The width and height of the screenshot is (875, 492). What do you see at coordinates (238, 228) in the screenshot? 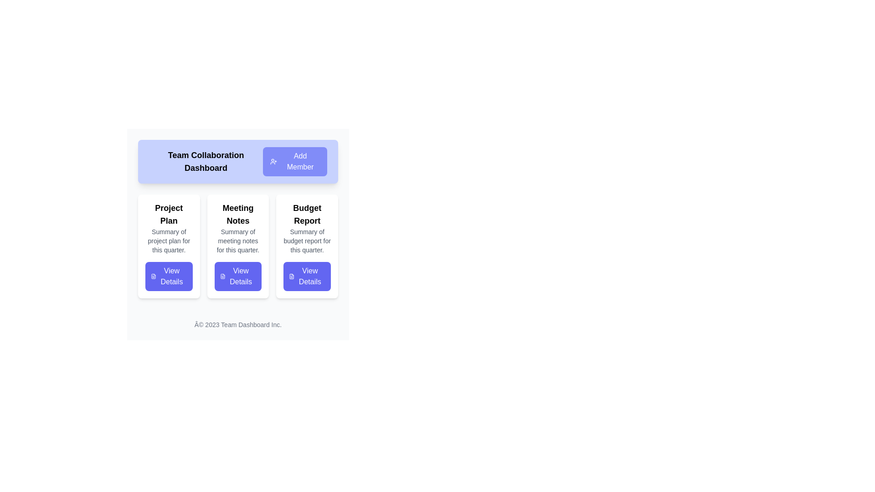
I see `the informational header located in the center of the second card, which provides a brief overview of the meeting notes` at bounding box center [238, 228].